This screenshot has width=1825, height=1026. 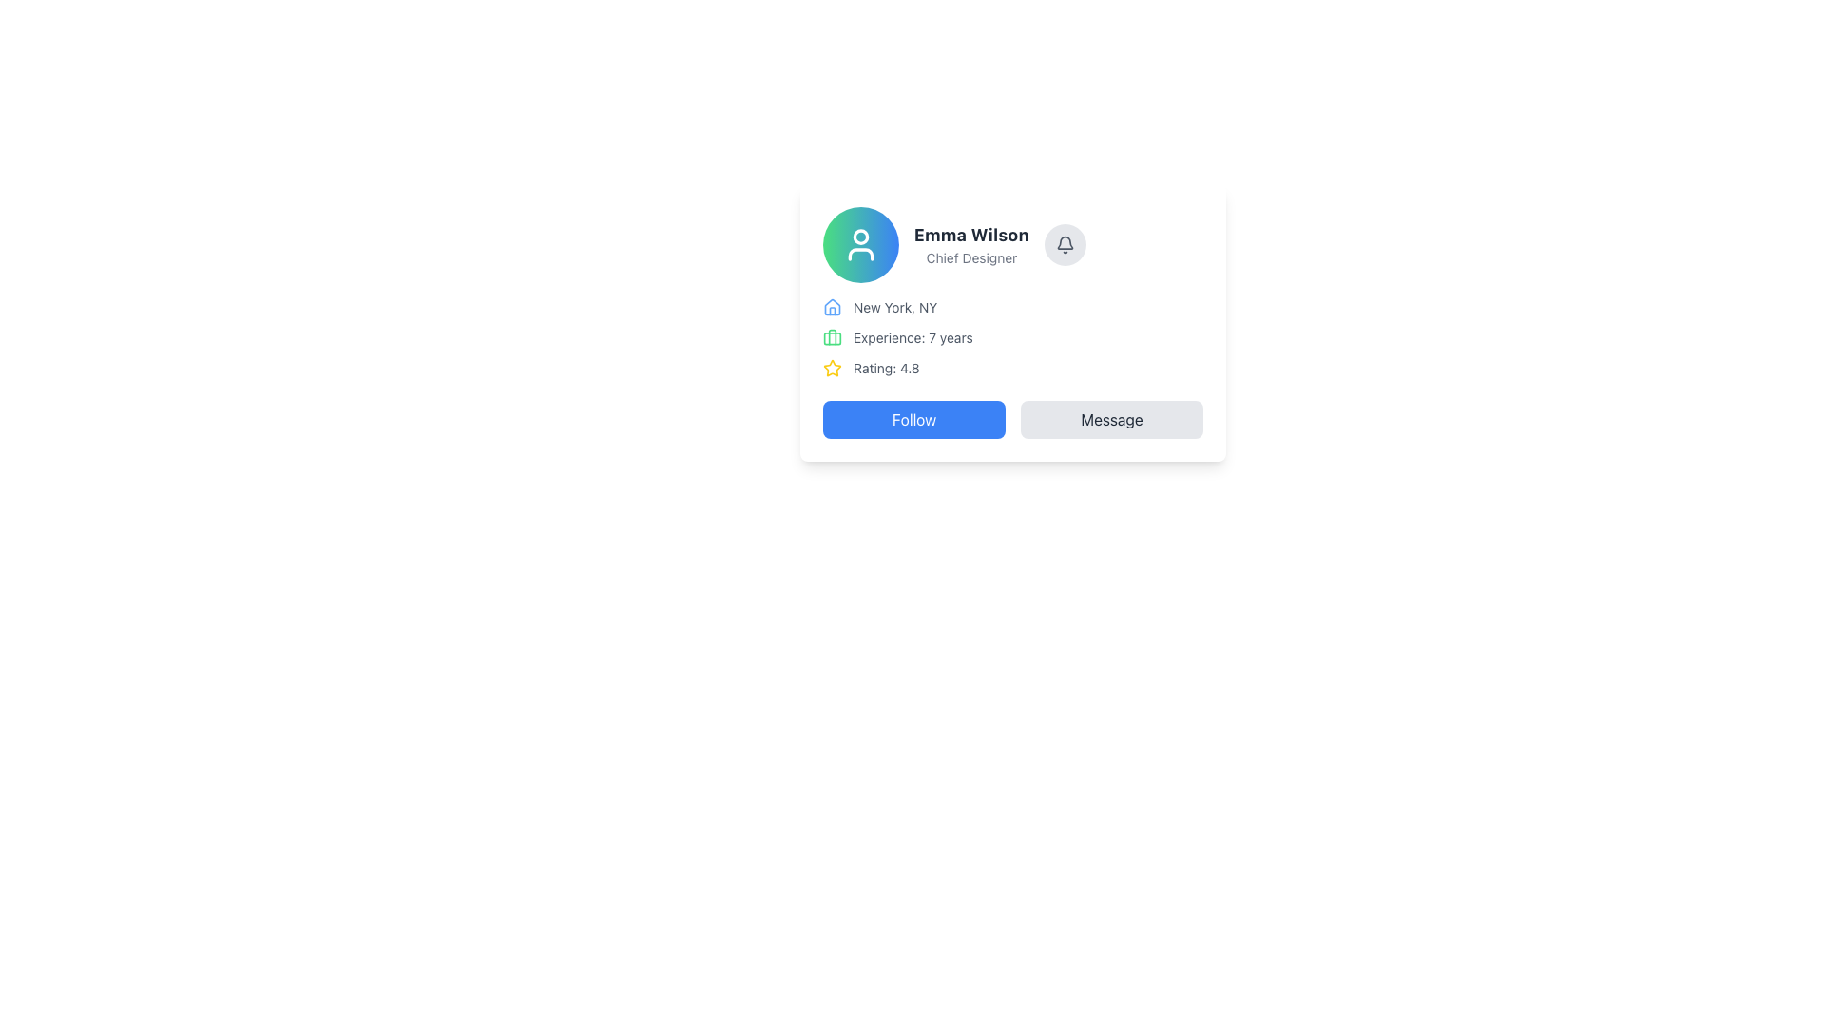 I want to click on the composite UI element displaying the rating value (4.8) at the bottom of the profile information card, so click(x=1011, y=369).